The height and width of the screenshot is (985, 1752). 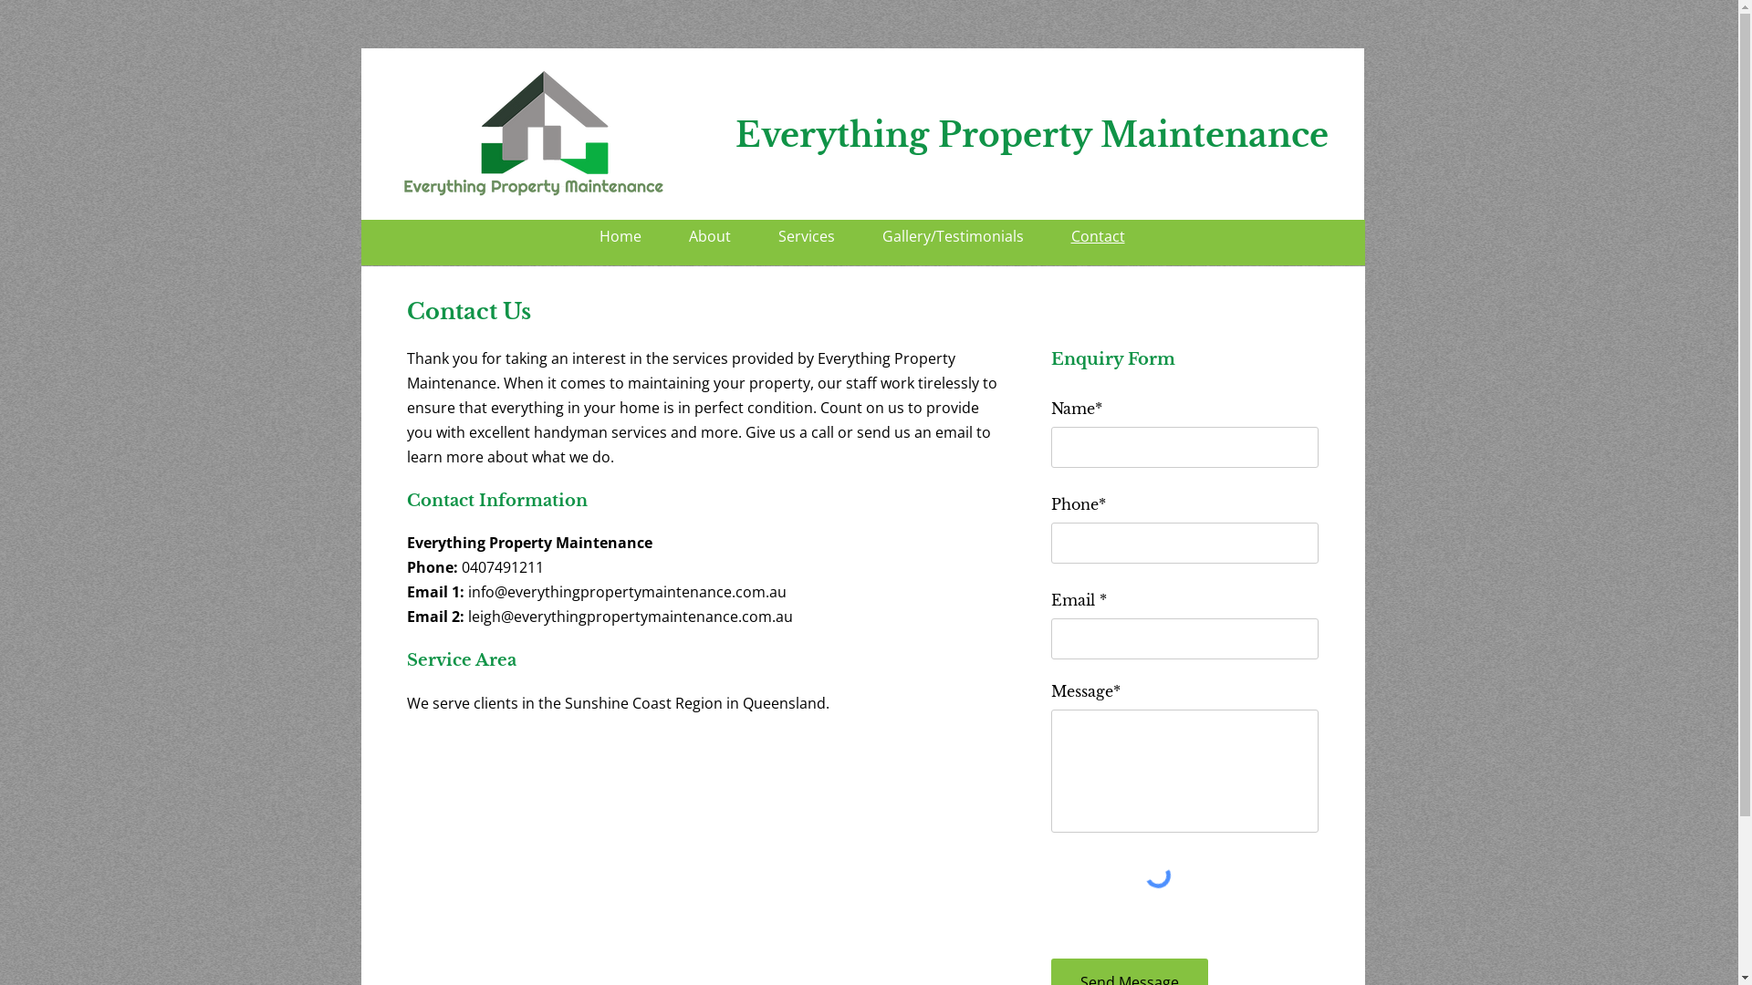 I want to click on 'leigh@everythingpropertymaintenance.com.au', so click(x=630, y=616).